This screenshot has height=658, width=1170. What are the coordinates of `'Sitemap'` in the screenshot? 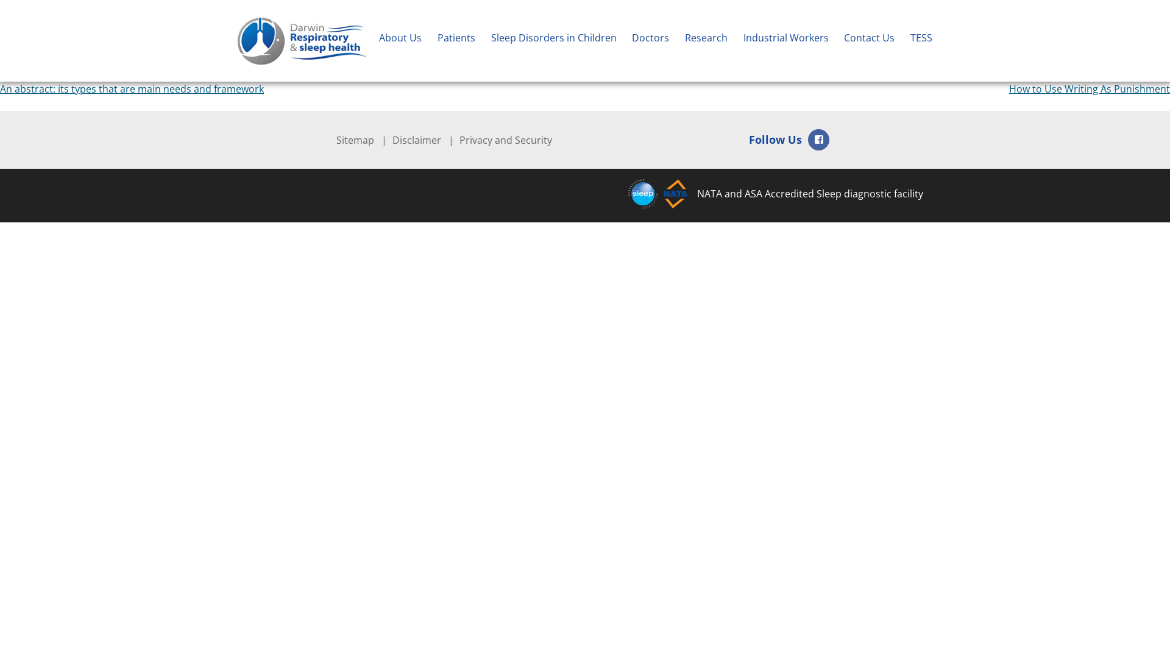 It's located at (336, 138).